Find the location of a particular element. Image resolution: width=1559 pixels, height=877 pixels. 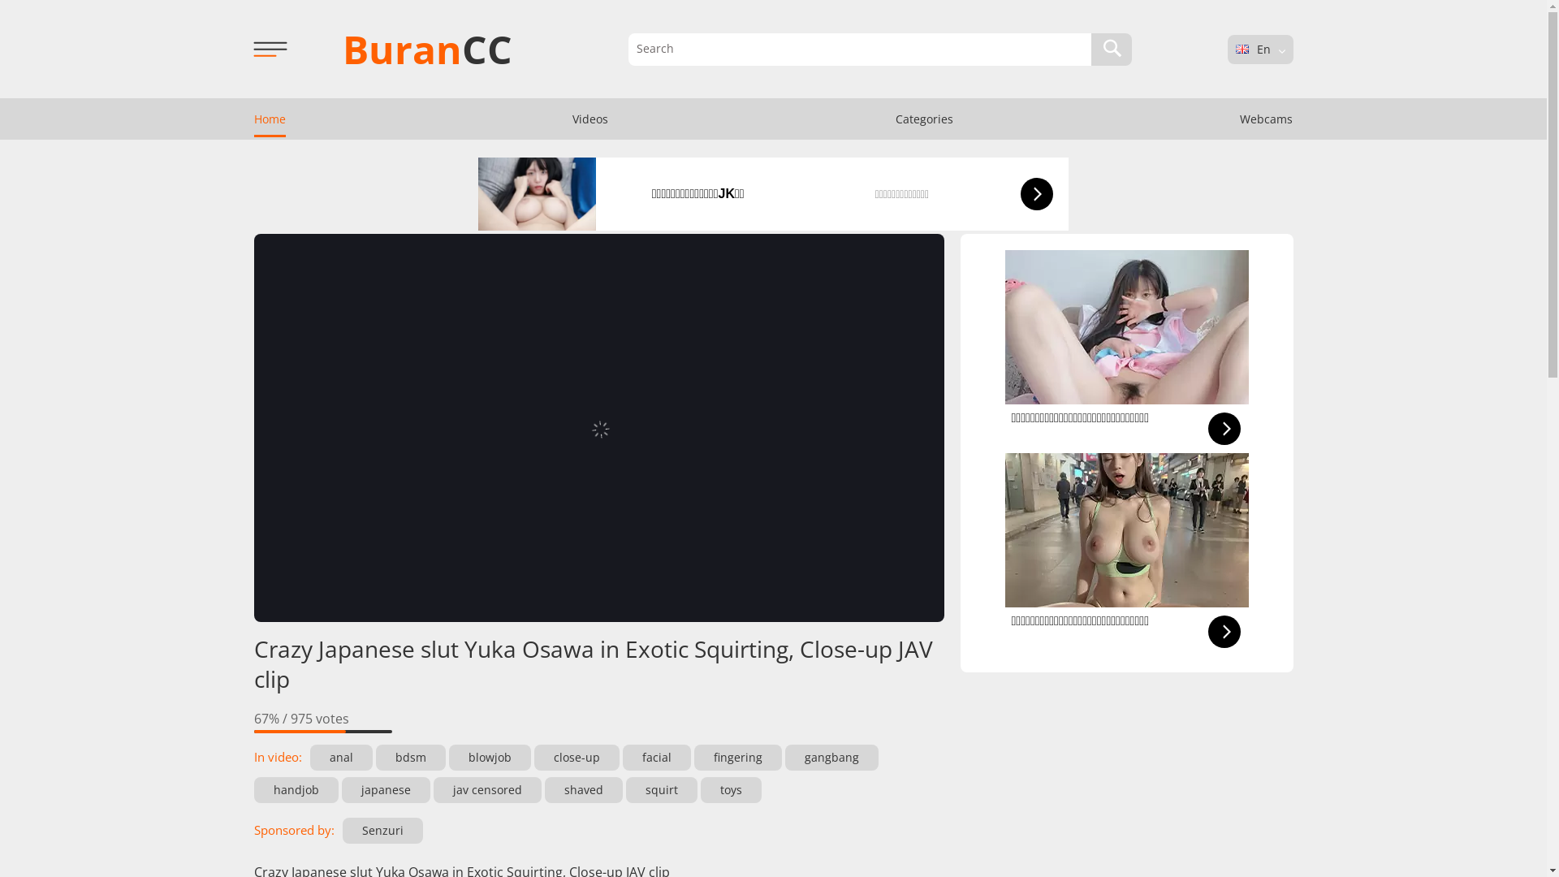

'BuranCC' is located at coordinates (427, 48).